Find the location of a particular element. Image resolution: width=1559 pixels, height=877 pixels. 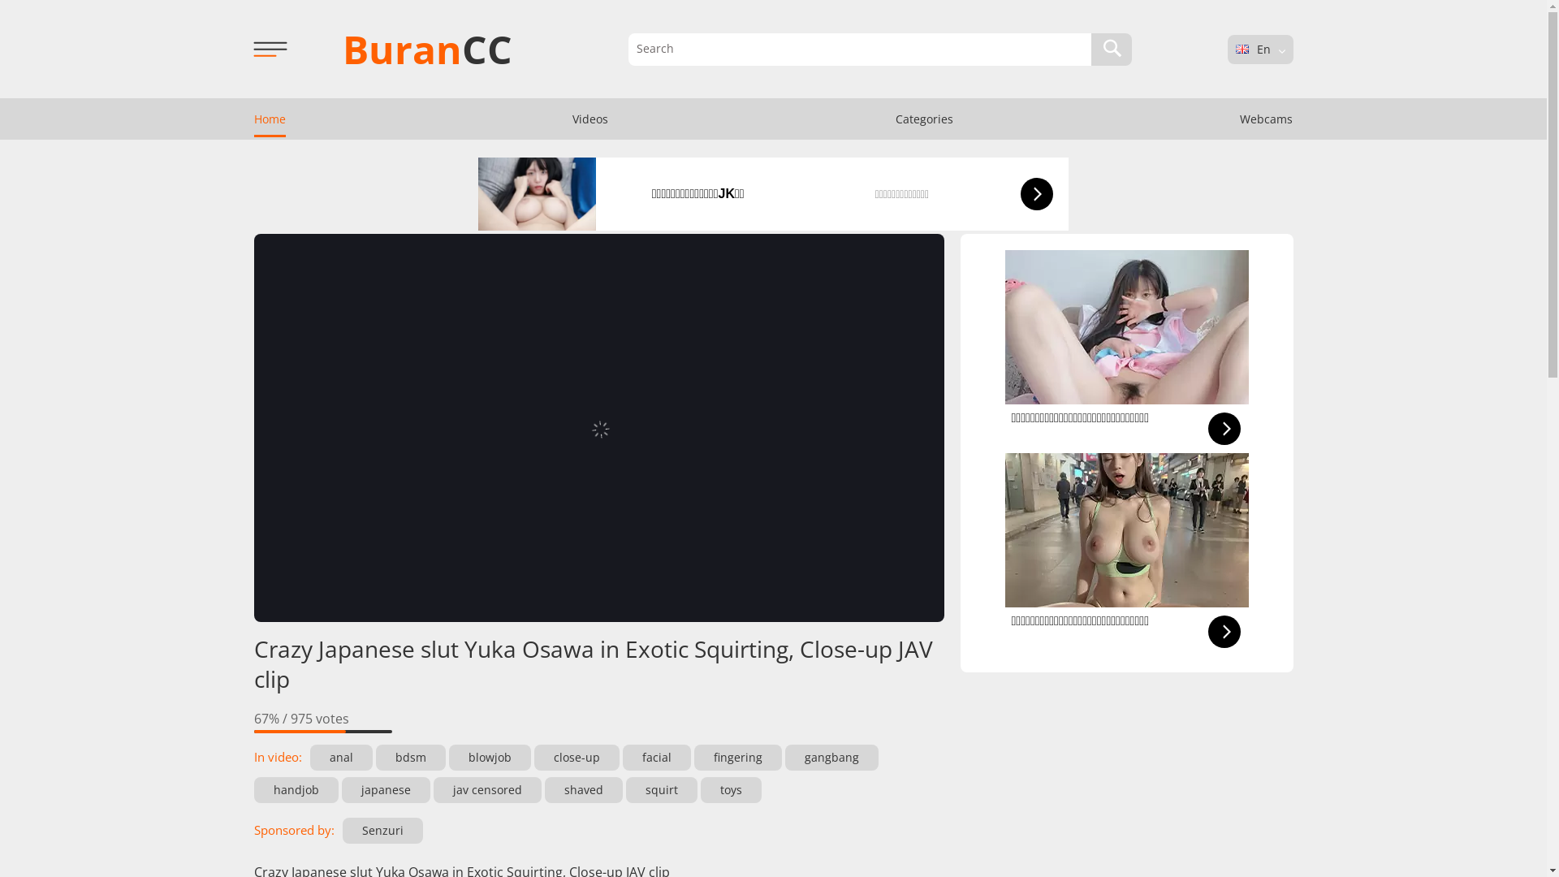

'BuranCC' is located at coordinates (427, 48).